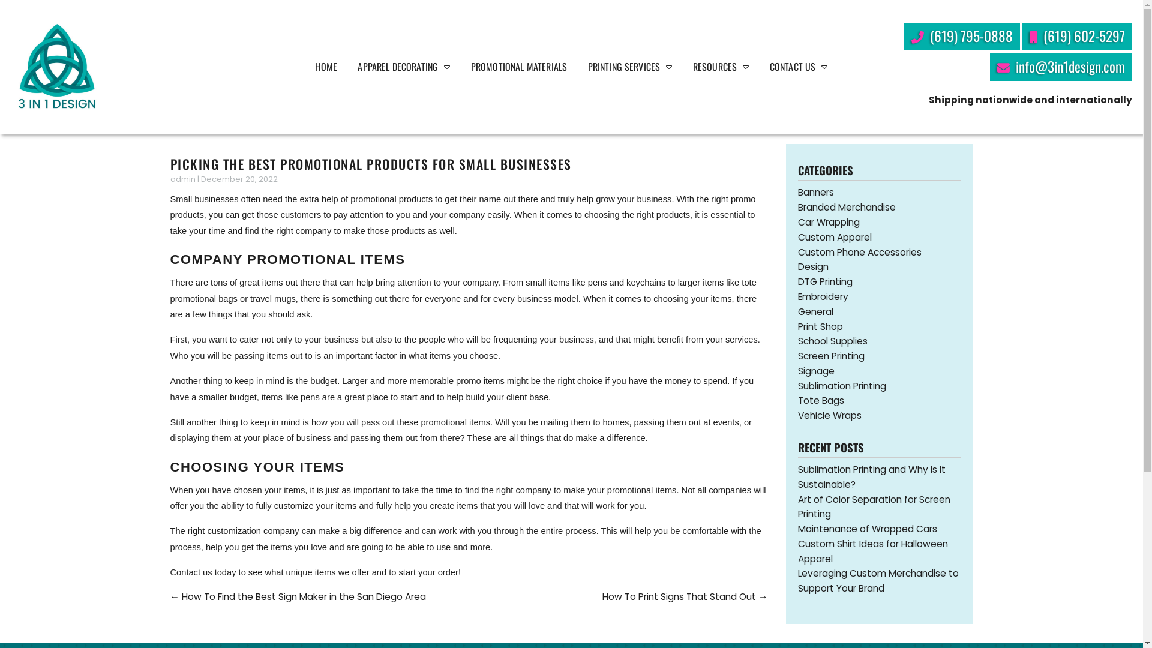 The height and width of the screenshot is (648, 1152). I want to click on 'Maintenance of Wrapped Cars', so click(867, 528).